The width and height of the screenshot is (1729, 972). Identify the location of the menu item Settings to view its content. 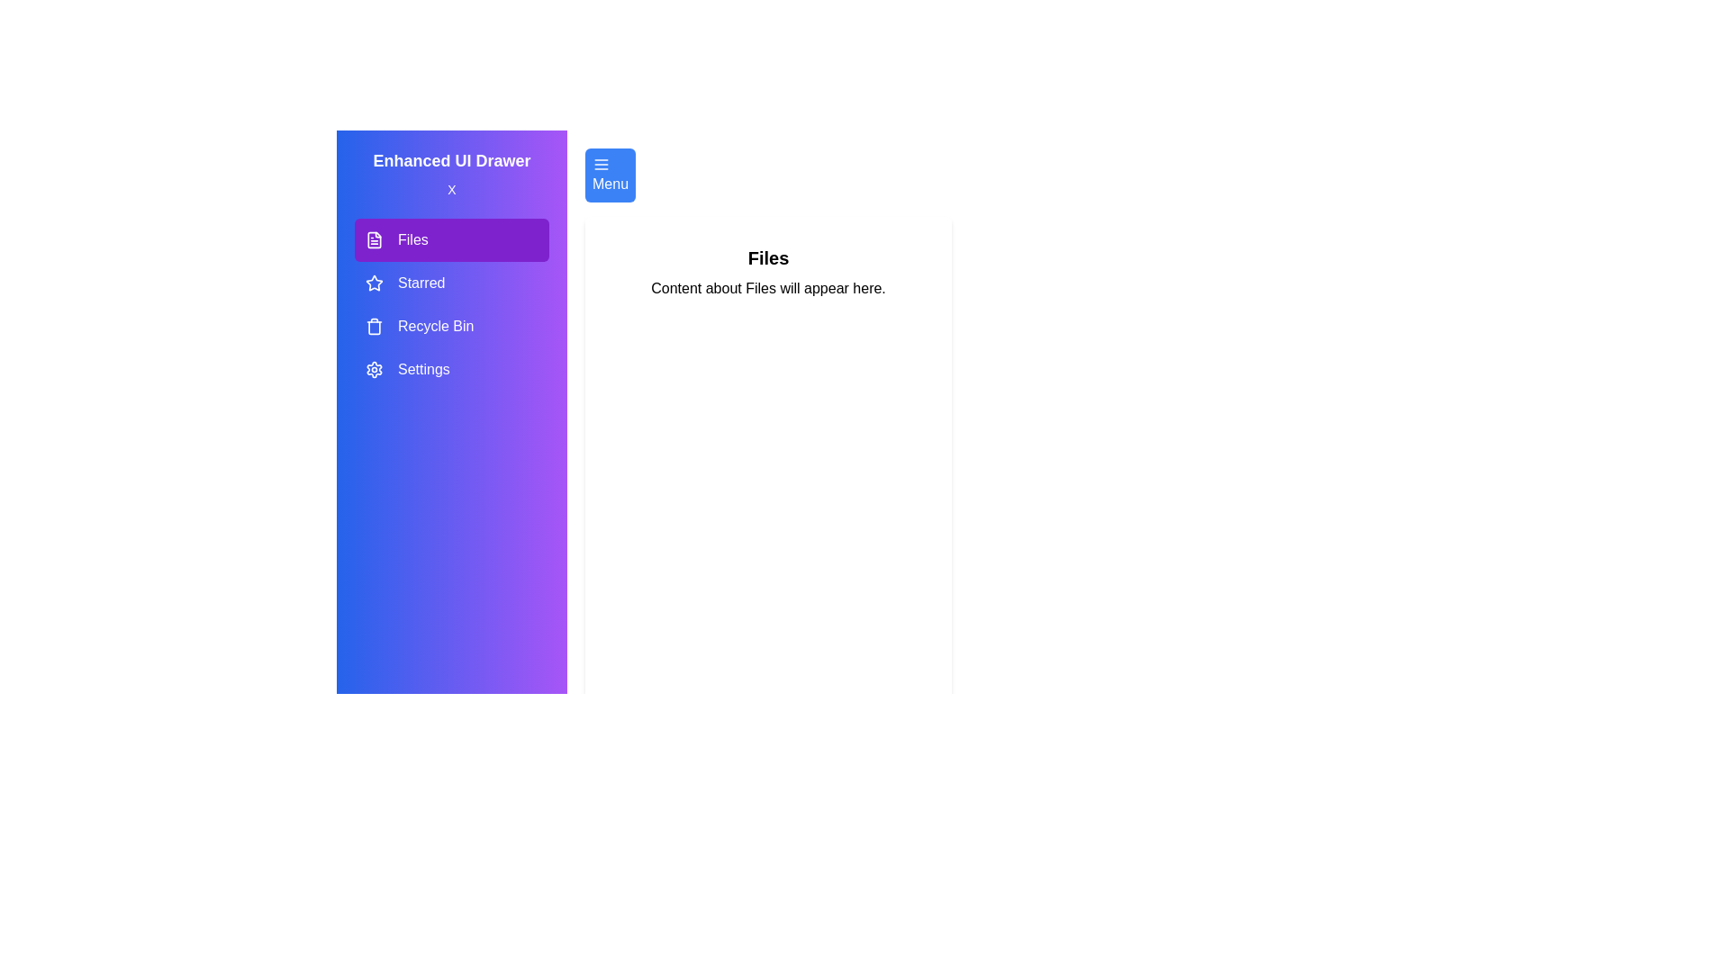
(452, 369).